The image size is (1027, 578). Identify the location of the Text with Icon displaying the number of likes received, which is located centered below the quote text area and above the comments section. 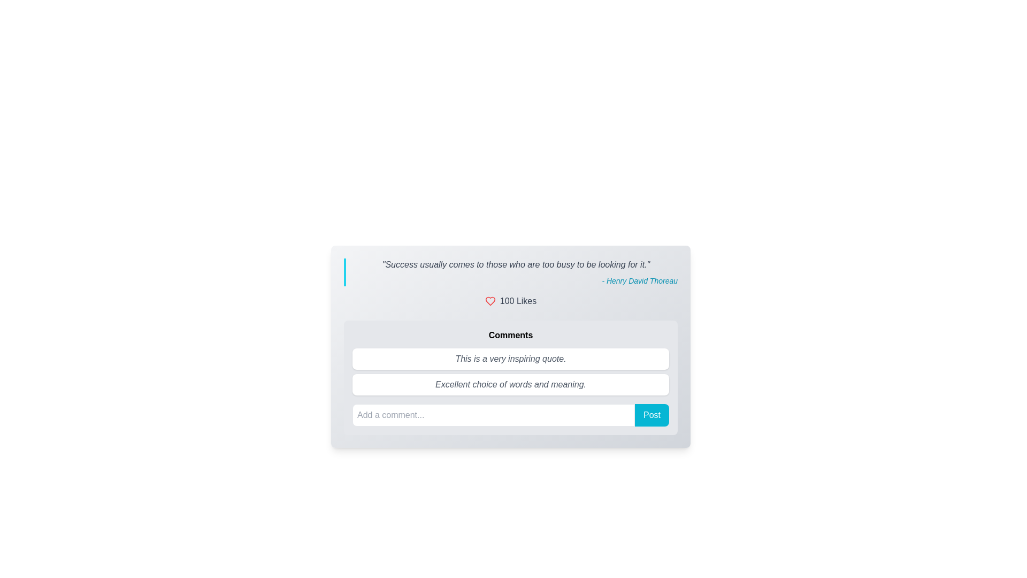
(510, 301).